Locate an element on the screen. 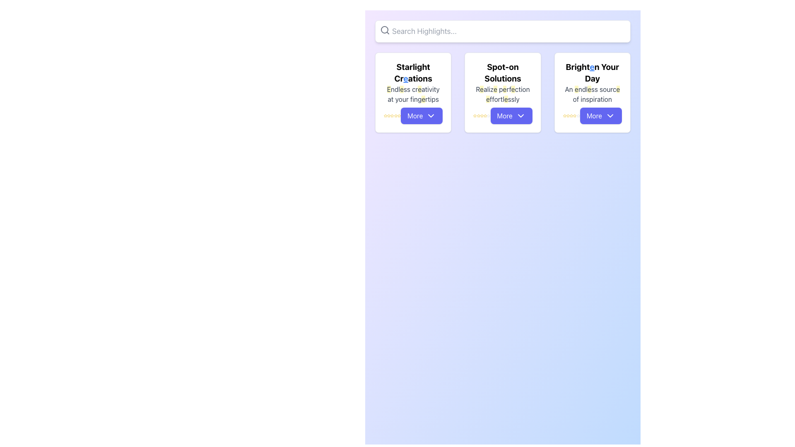  the button located in the bottom-right corner of the 'Spot-on Solutions' card is located at coordinates (502, 116).